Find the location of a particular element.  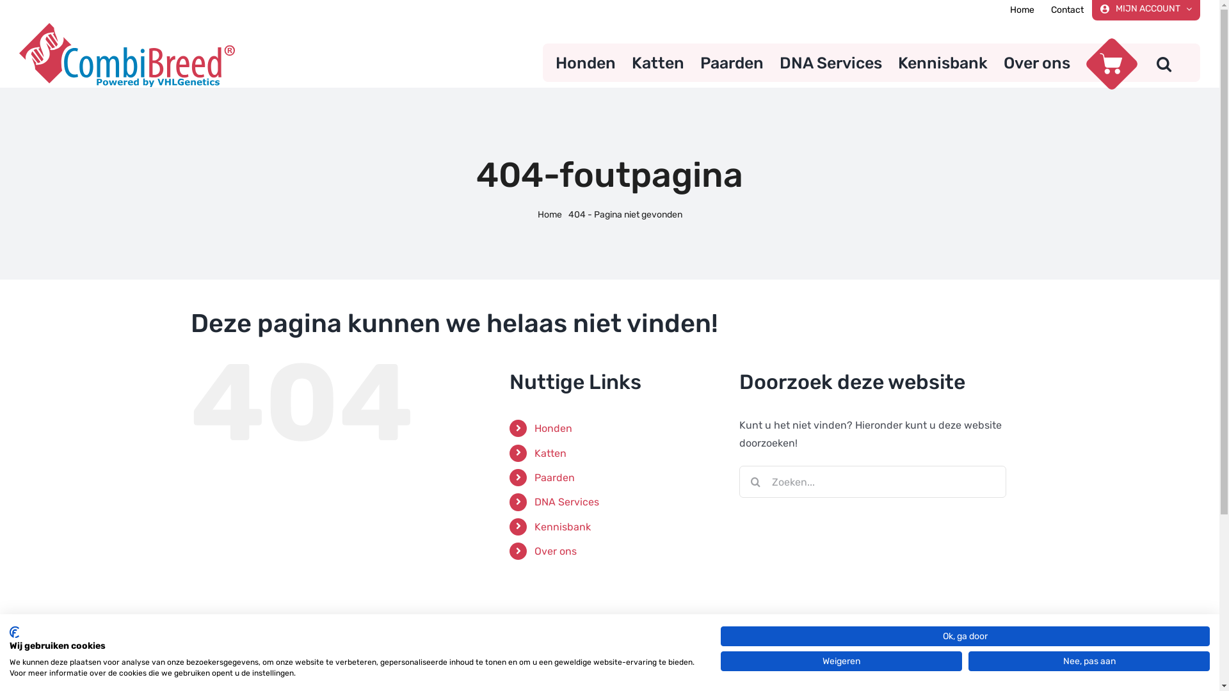

'Home' is located at coordinates (1000, 10).